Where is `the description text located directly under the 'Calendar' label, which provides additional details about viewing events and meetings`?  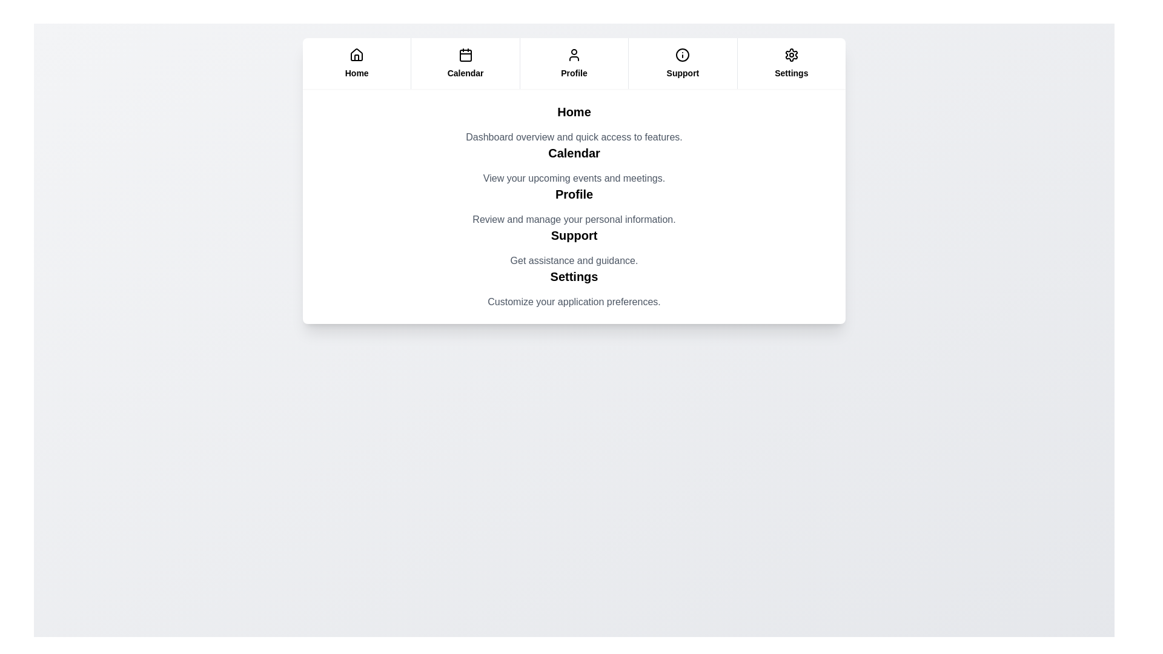 the description text located directly under the 'Calendar' label, which provides additional details about viewing events and meetings is located at coordinates (574, 178).